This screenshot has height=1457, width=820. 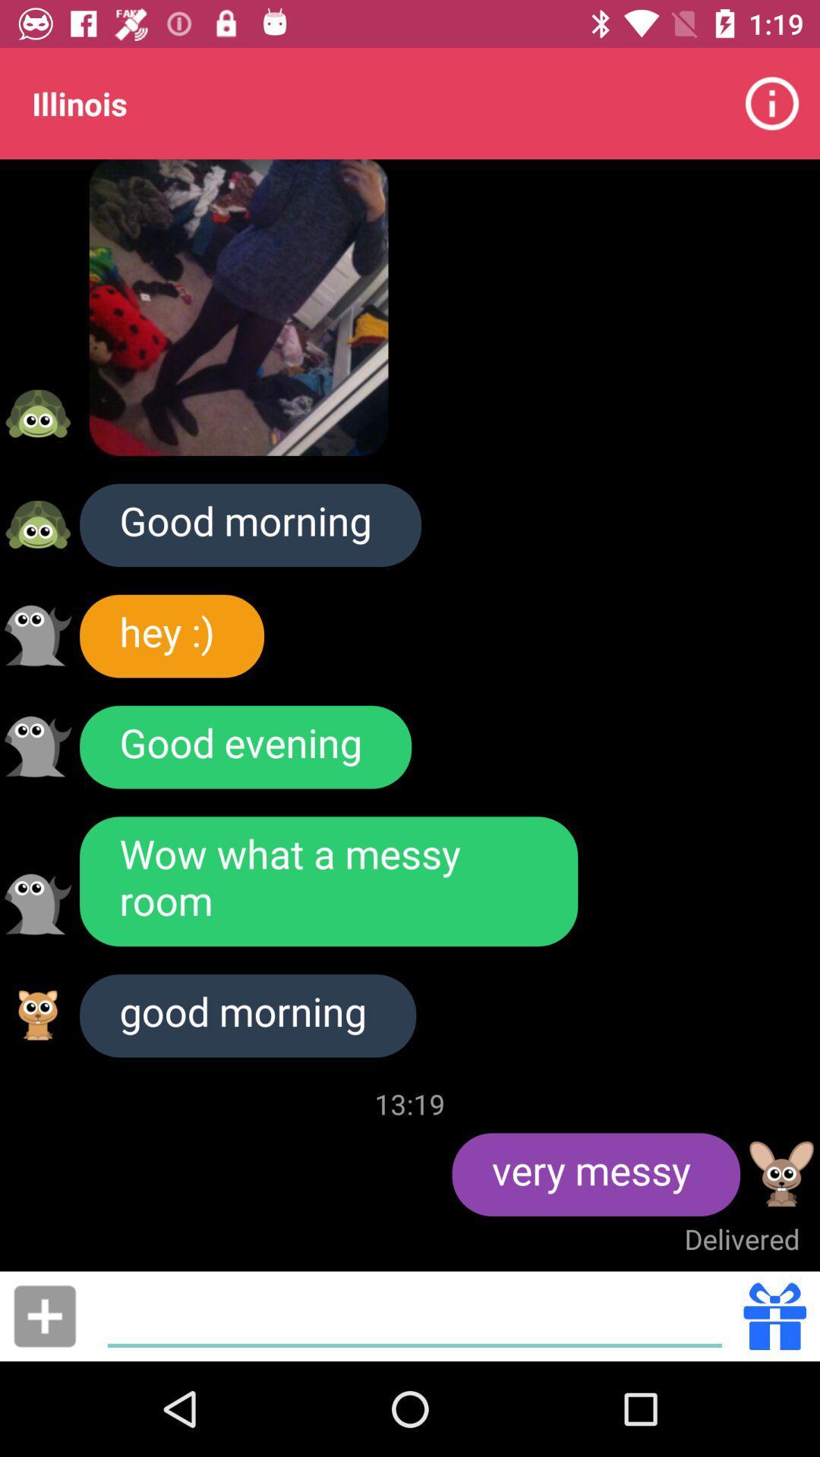 I want to click on type text here, so click(x=415, y=1315).